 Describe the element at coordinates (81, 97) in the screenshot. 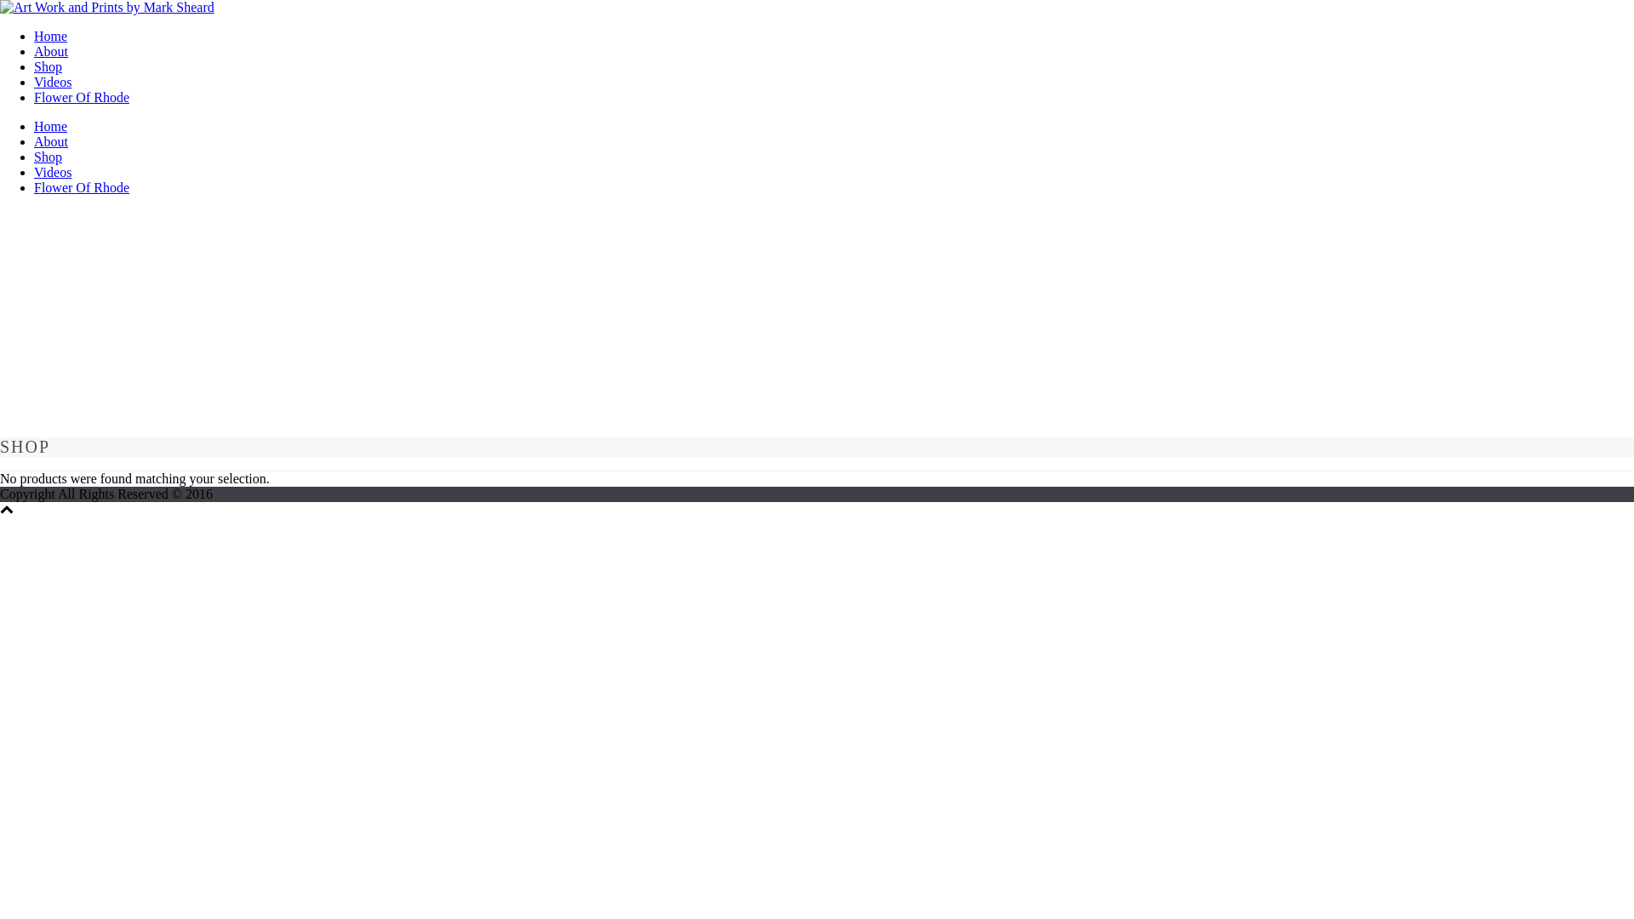

I see `'Flower Of Rhode'` at that location.